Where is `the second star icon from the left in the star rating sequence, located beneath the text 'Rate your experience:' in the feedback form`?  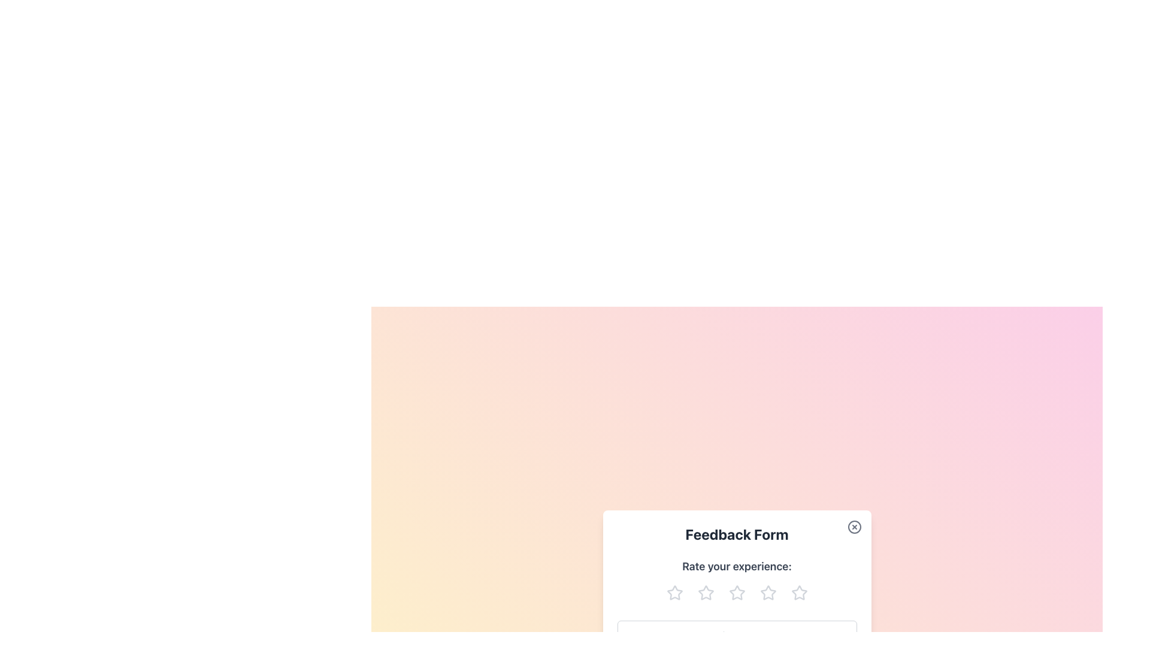 the second star icon from the left in the star rating sequence, located beneath the text 'Rate your experience:' in the feedback form is located at coordinates (706, 592).